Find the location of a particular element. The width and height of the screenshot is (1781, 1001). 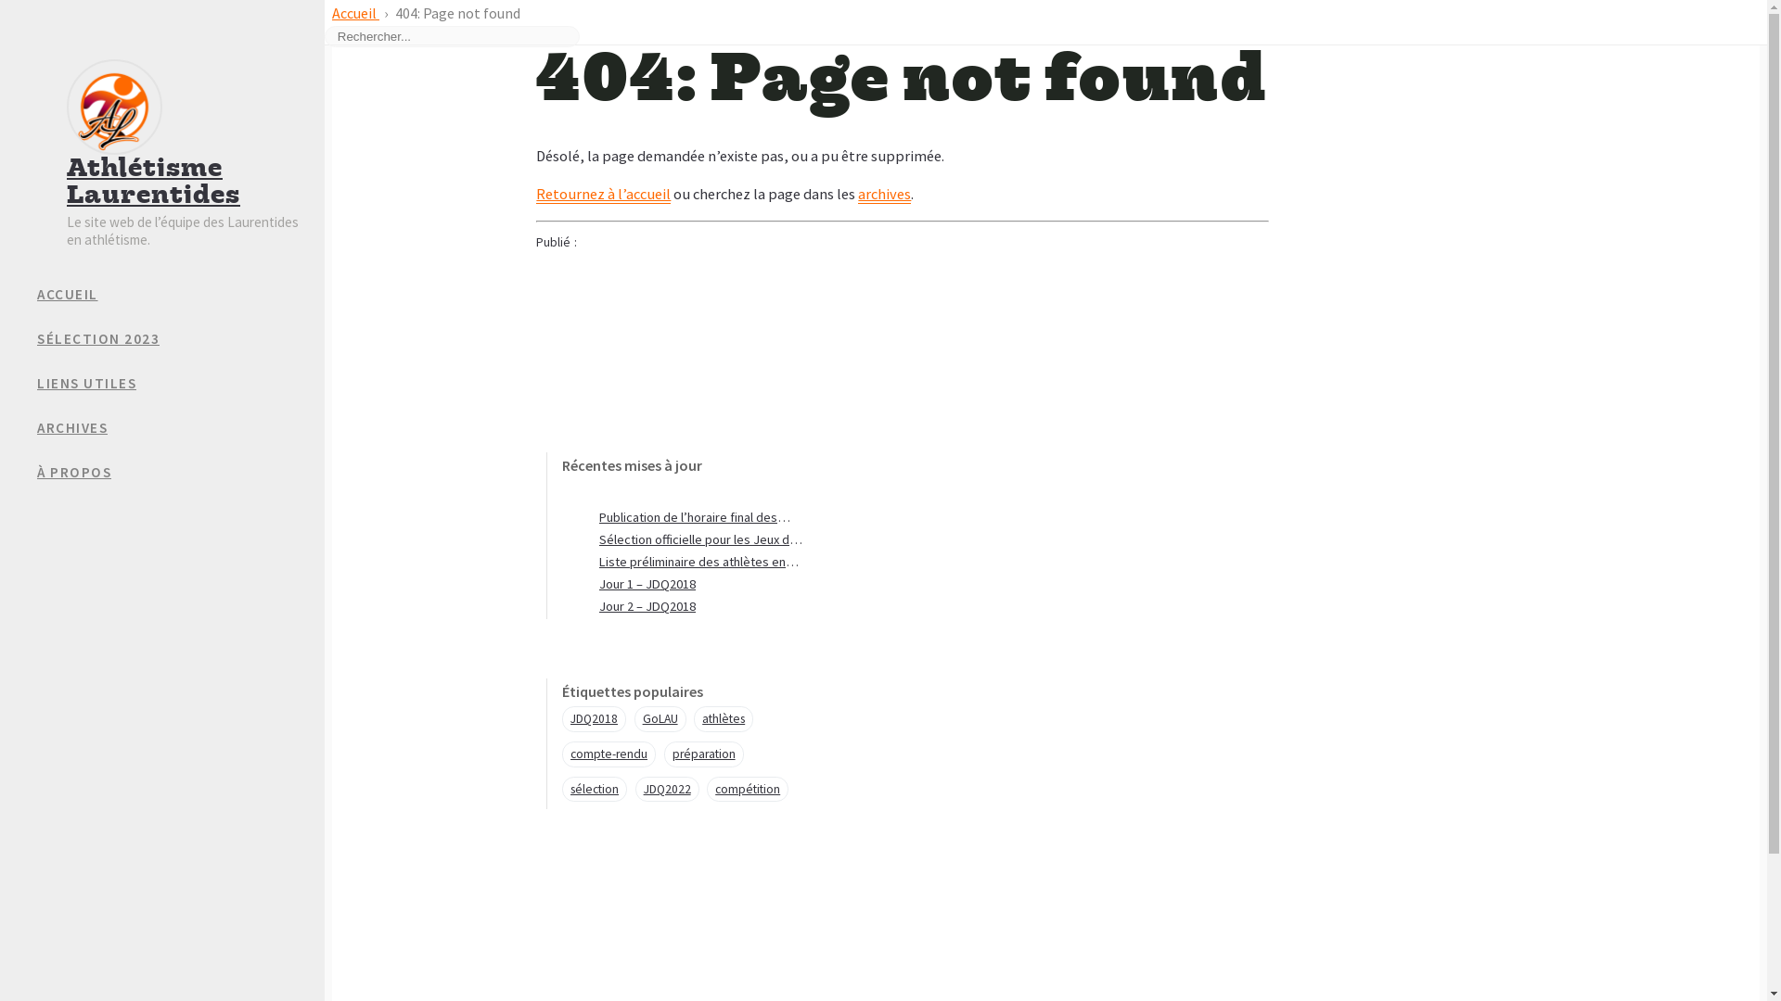

'GoLAU' is located at coordinates (660, 717).